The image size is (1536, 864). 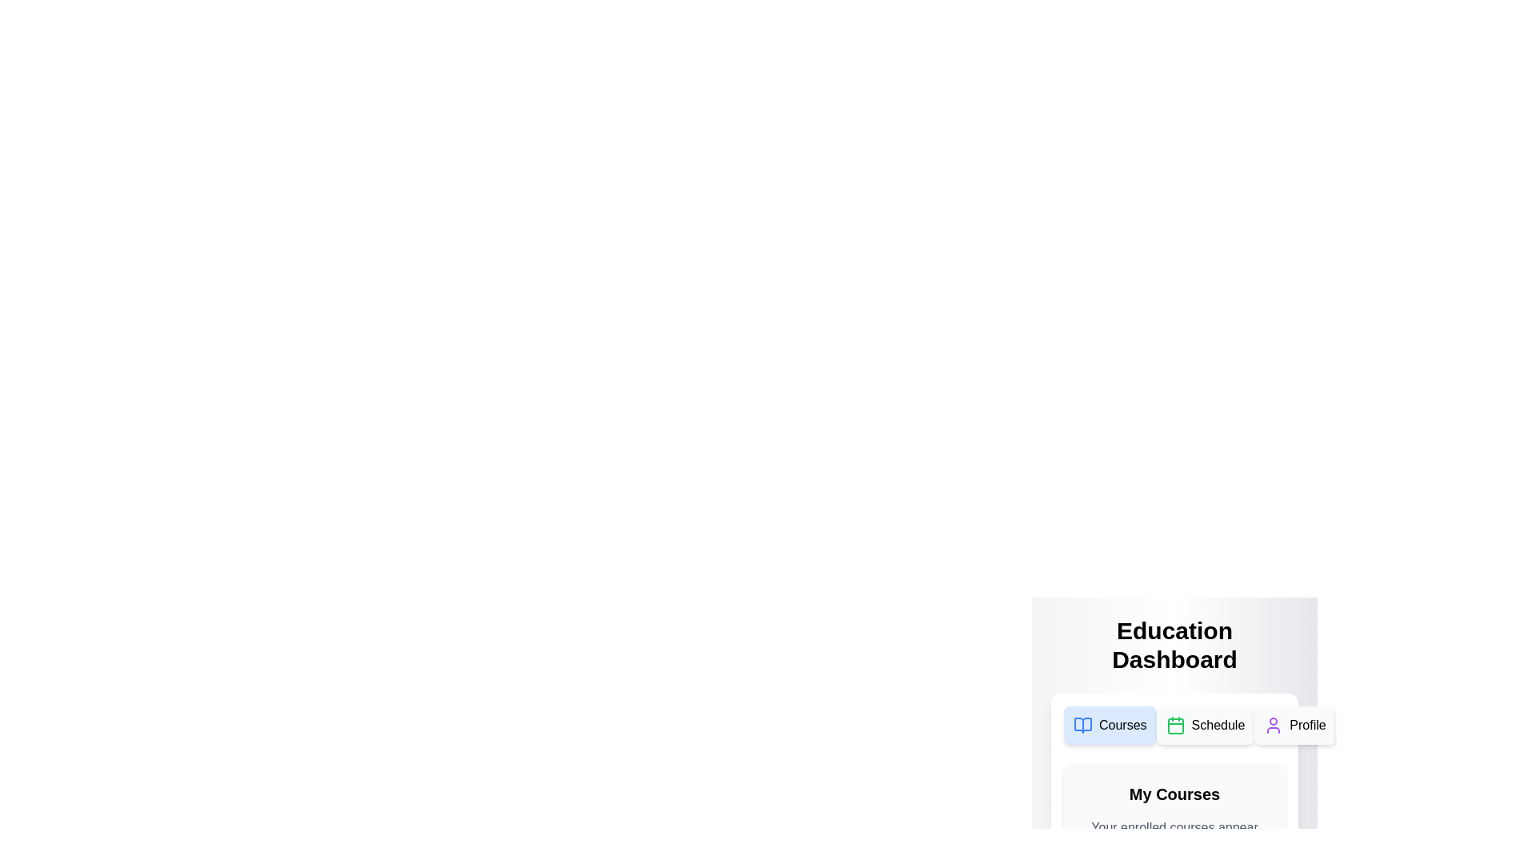 I want to click on the 'Courses' icon located within the light blue rounded rectangle button on the 'Education Dashboard', so click(x=1082, y=725).